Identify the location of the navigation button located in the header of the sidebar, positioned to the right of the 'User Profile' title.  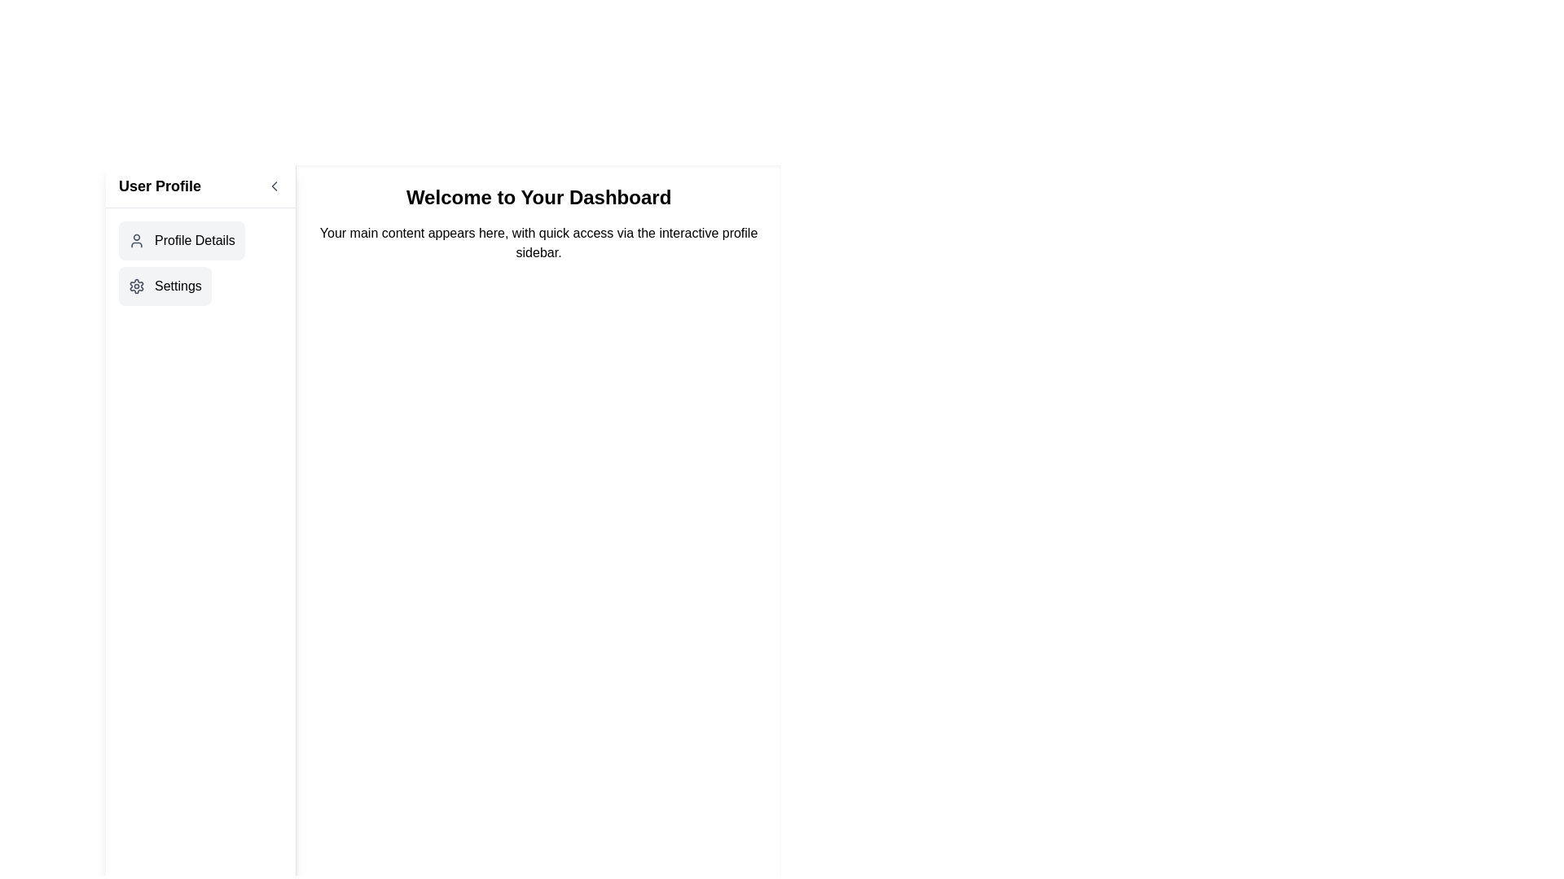
(275, 185).